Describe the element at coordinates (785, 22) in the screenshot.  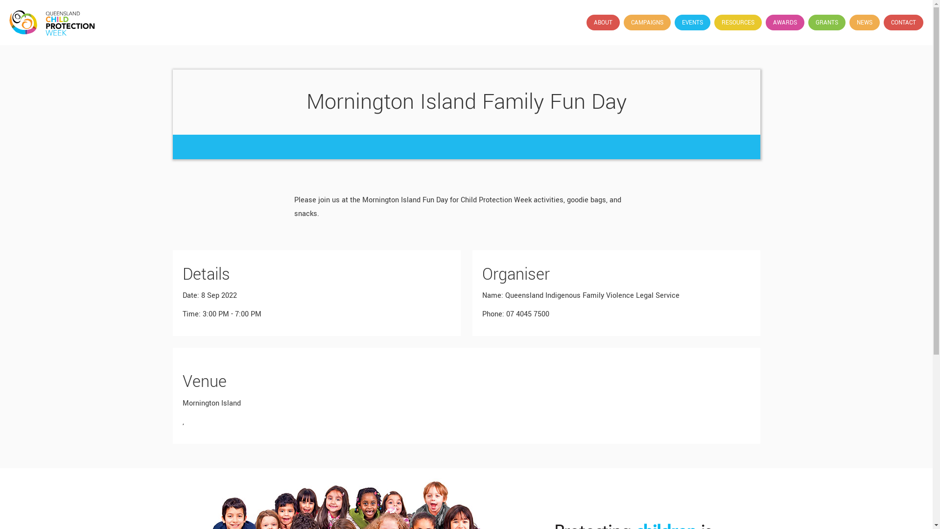
I see `'AWARDS'` at that location.